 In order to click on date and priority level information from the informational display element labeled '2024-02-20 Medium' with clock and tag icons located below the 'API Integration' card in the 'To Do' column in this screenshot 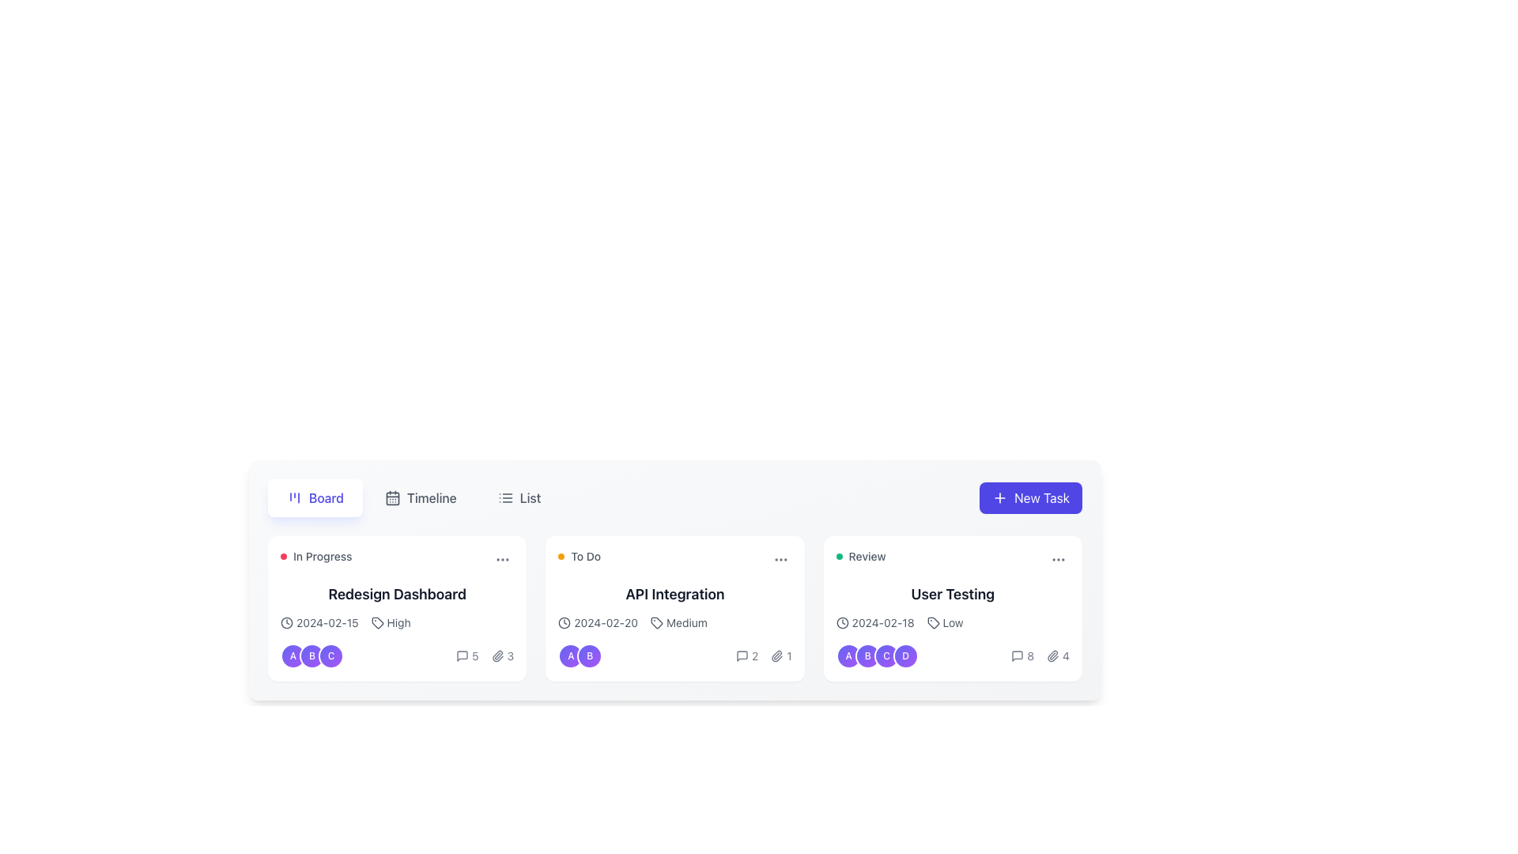, I will do `click(675, 622)`.